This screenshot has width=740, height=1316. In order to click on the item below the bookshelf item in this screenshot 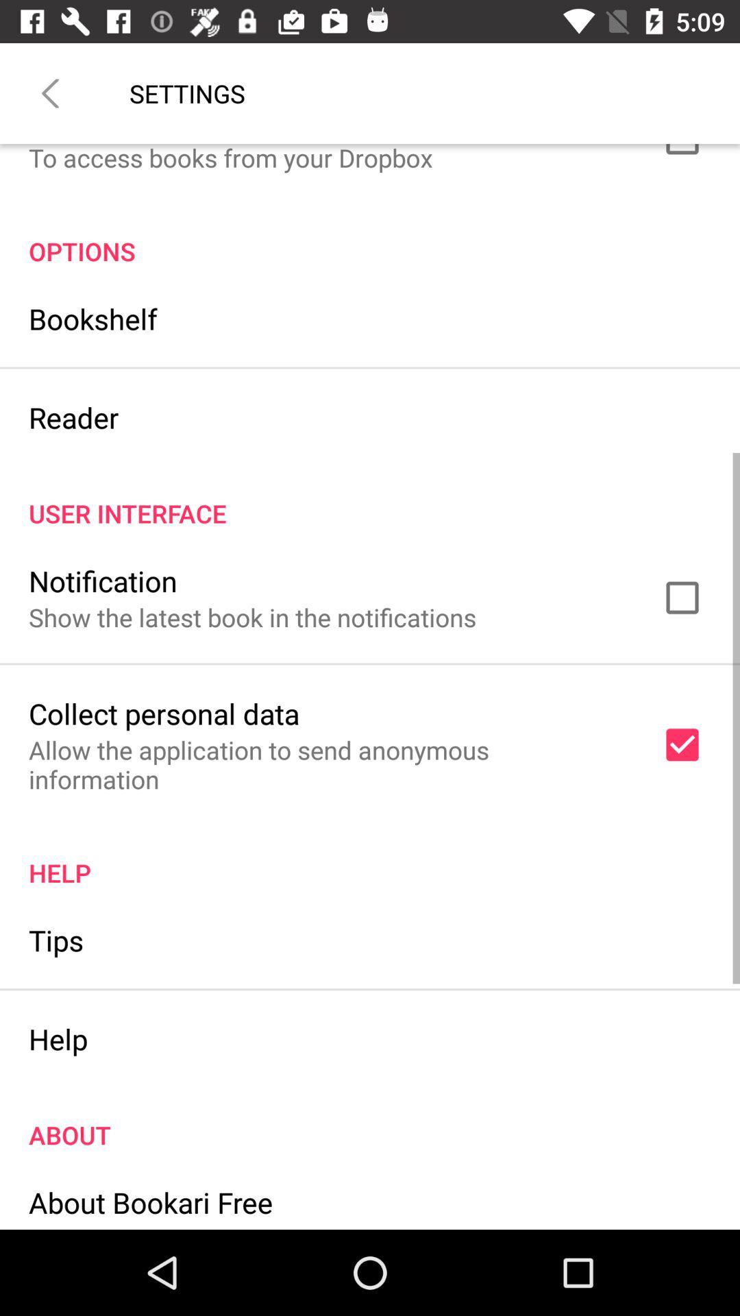, I will do `click(73, 417)`.